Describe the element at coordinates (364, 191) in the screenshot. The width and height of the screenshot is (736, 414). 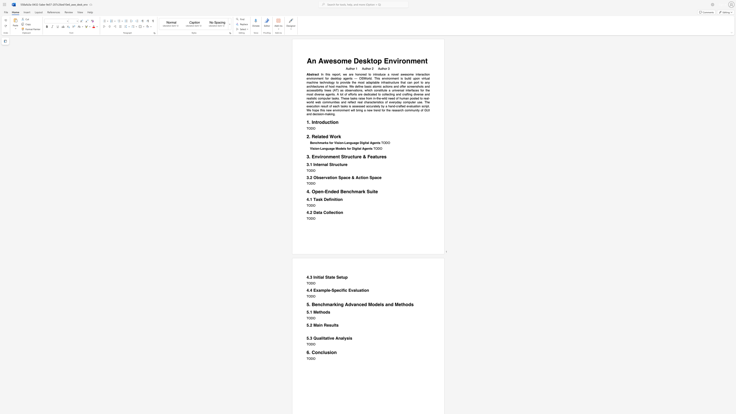
I see `the 1th character "k" in the text` at that location.